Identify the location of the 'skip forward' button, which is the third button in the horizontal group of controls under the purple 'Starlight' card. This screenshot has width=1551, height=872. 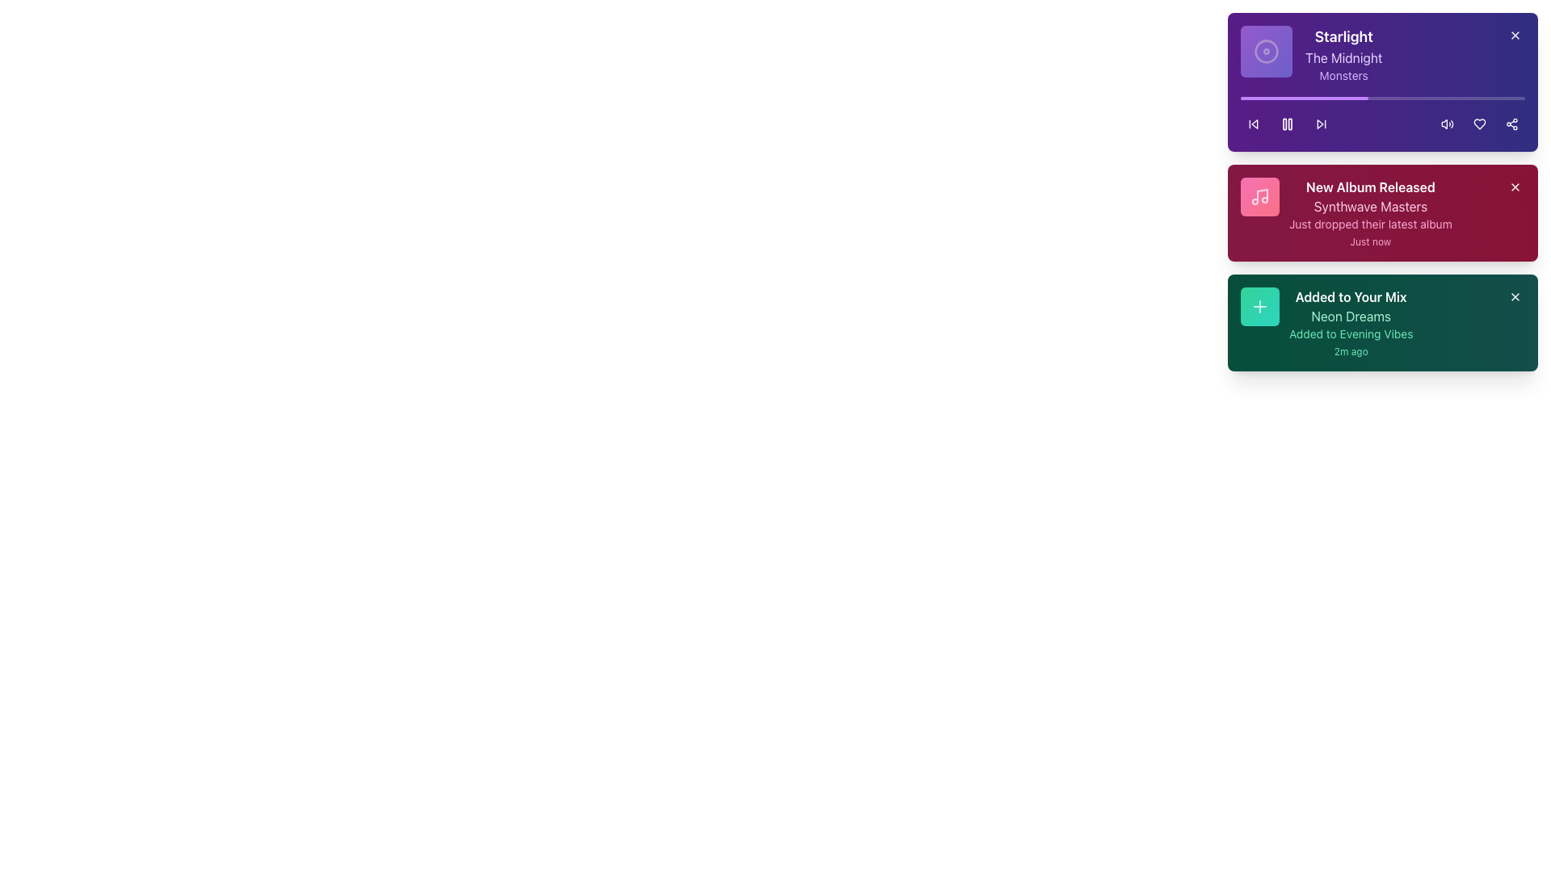
(1322, 124).